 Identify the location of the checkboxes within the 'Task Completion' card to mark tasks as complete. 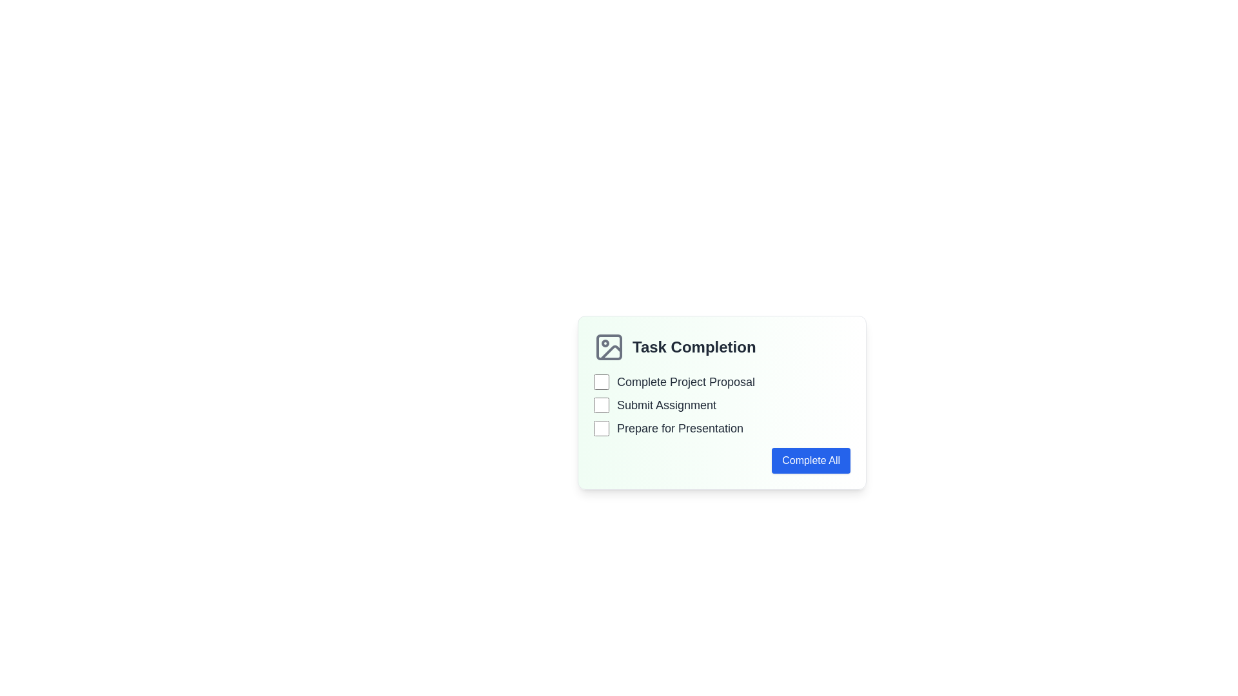
(721, 401).